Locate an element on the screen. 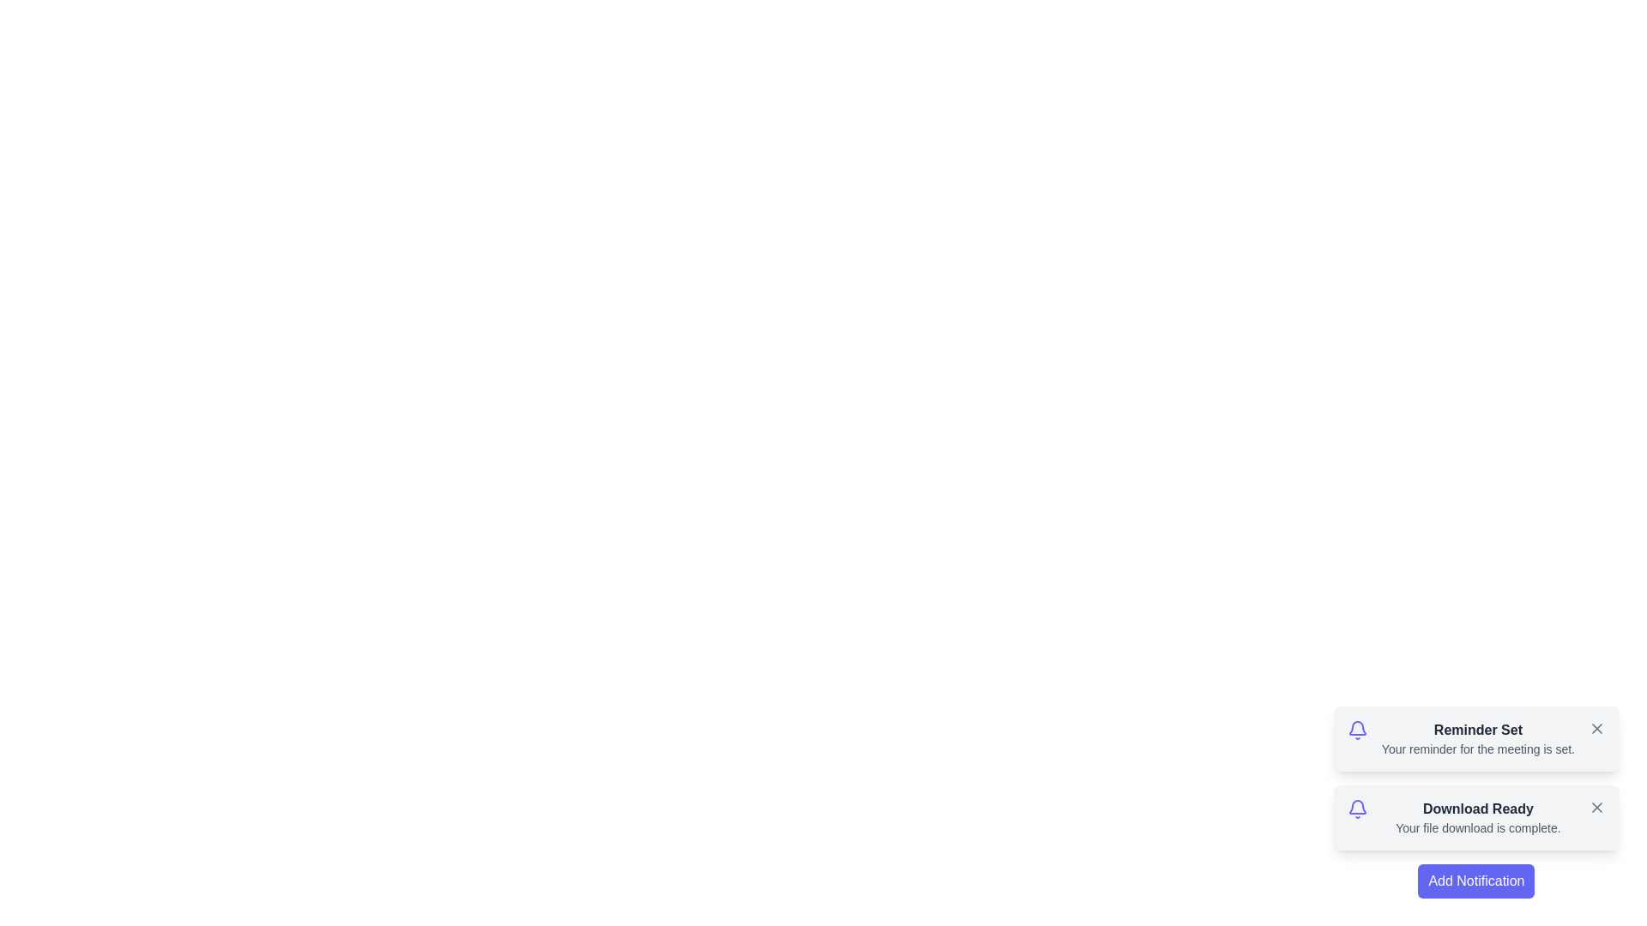 This screenshot has height=926, width=1647. the static text element that provides additional details about the 'Reminder Set' notification, positioned directly beneath the 'Reminder Set' title in the upper-right corner of the interface is located at coordinates (1477, 749).